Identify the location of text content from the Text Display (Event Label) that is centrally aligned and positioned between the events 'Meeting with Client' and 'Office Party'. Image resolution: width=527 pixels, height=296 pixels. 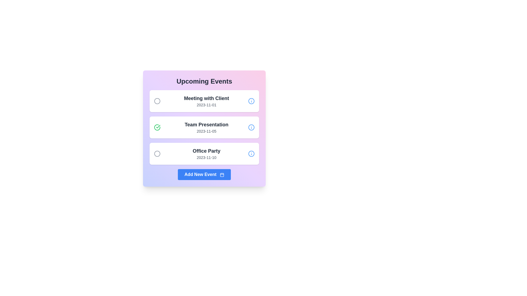
(206, 127).